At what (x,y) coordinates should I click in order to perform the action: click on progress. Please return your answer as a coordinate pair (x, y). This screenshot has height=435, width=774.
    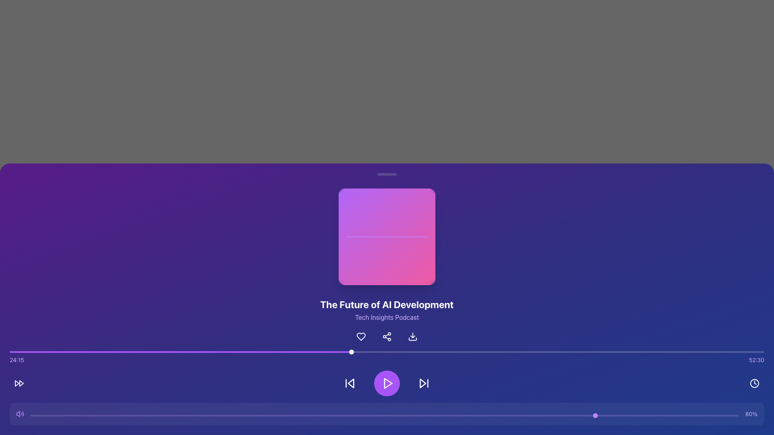
    Looking at the image, I should click on (74, 352).